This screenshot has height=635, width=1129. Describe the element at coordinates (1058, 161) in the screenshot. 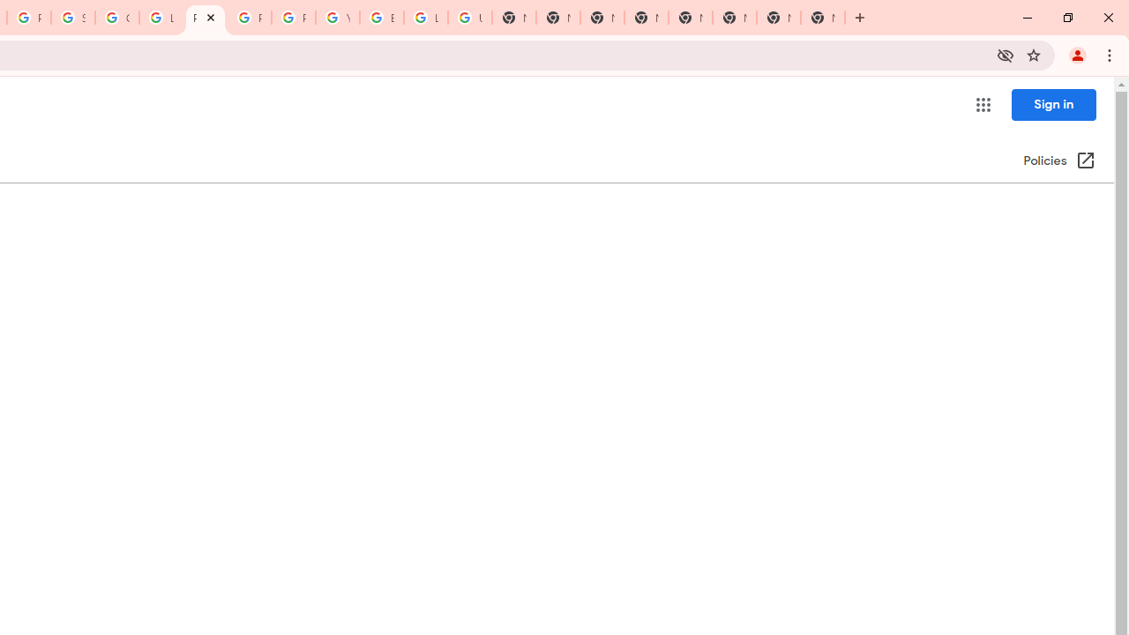

I see `'Policies (Open in a new window)'` at that location.